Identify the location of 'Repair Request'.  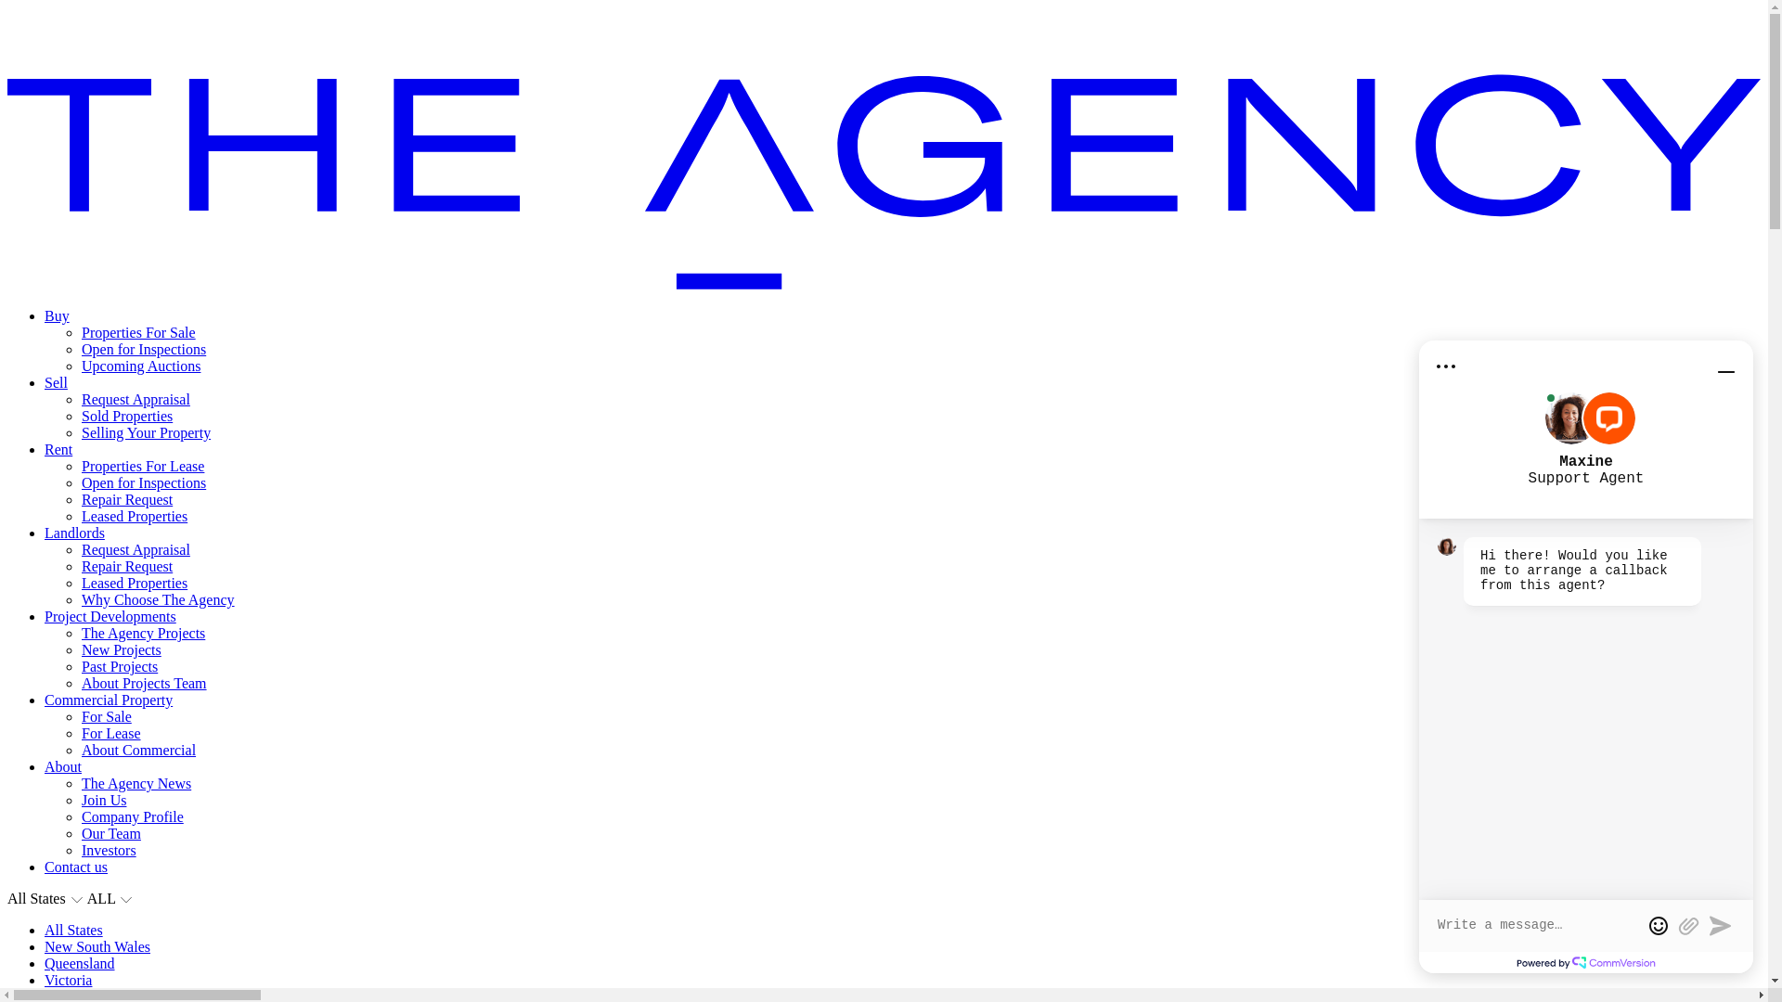
(126, 498).